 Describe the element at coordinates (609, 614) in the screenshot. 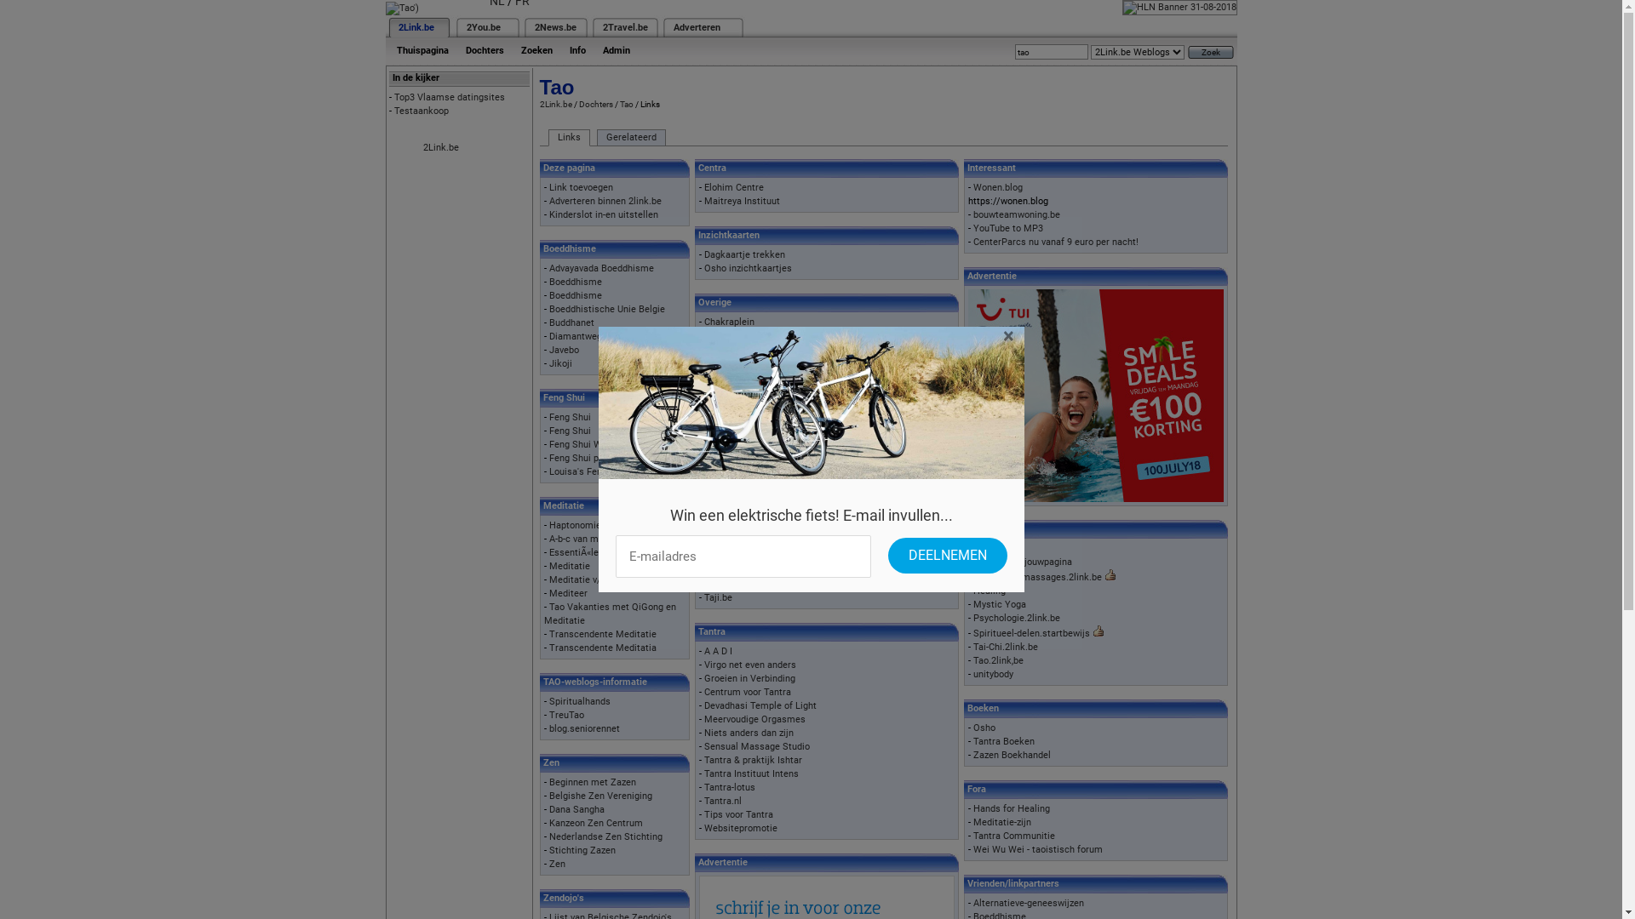

I see `'Tao Vakanties met QiGong en Meditatie'` at that location.